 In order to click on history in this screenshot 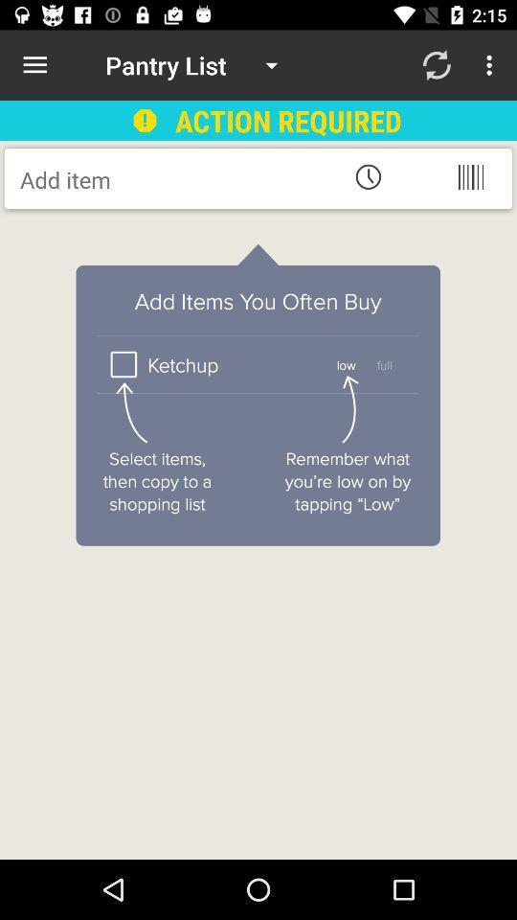, I will do `click(368, 176)`.